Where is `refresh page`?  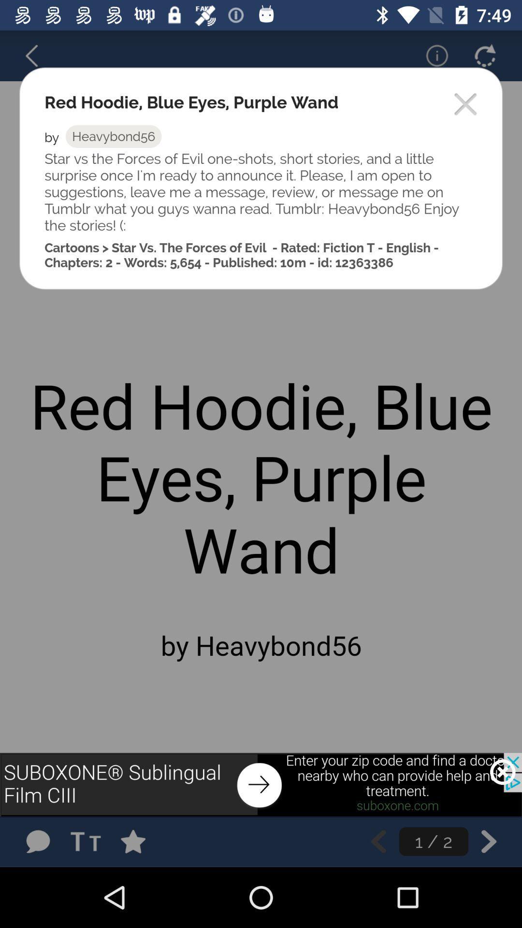 refresh page is located at coordinates (485, 55).